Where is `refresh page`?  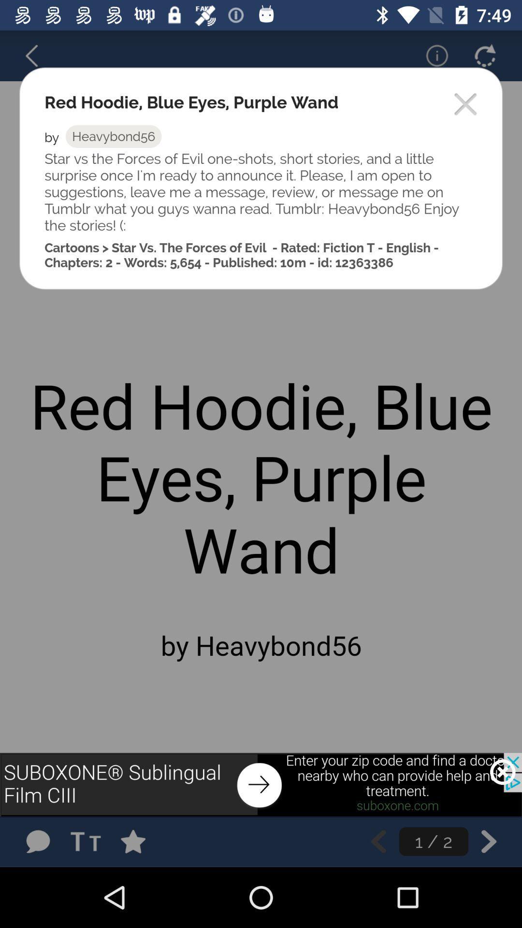 refresh page is located at coordinates (485, 55).